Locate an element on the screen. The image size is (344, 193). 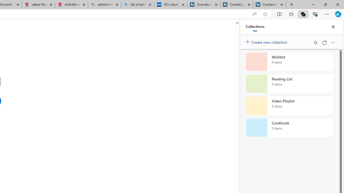
'asthma inhaler - Search' is located at coordinates (105, 5).